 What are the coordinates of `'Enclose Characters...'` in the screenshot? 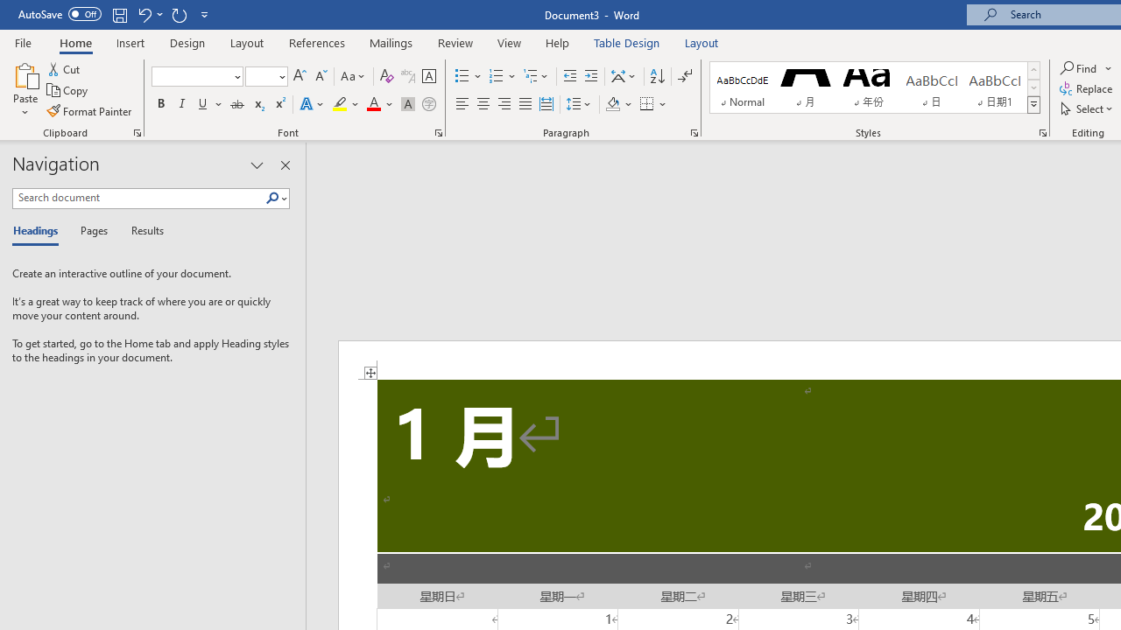 It's located at (428, 104).